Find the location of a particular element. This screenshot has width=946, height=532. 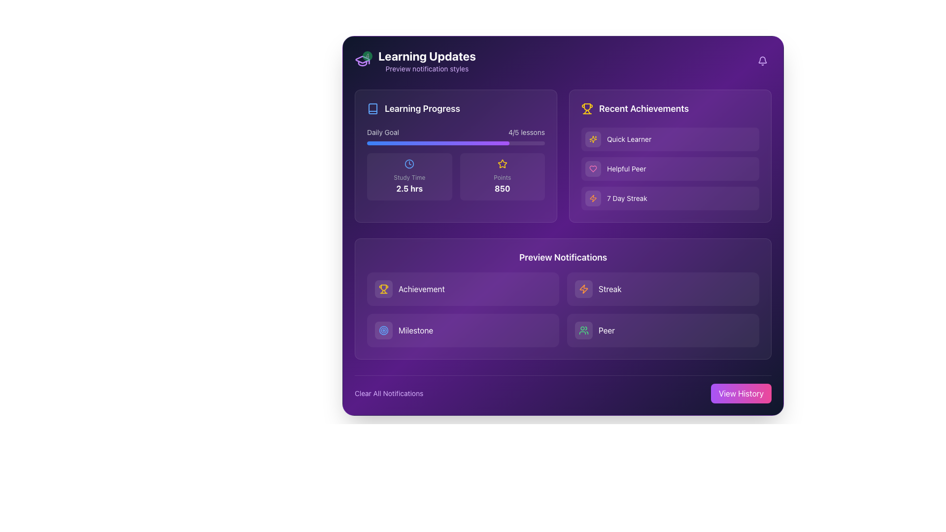

the static text label displaying 'Points' in light gray, located at the bottom-center of the points summary tile, above the value '850' and below a star icon is located at coordinates (502, 177).